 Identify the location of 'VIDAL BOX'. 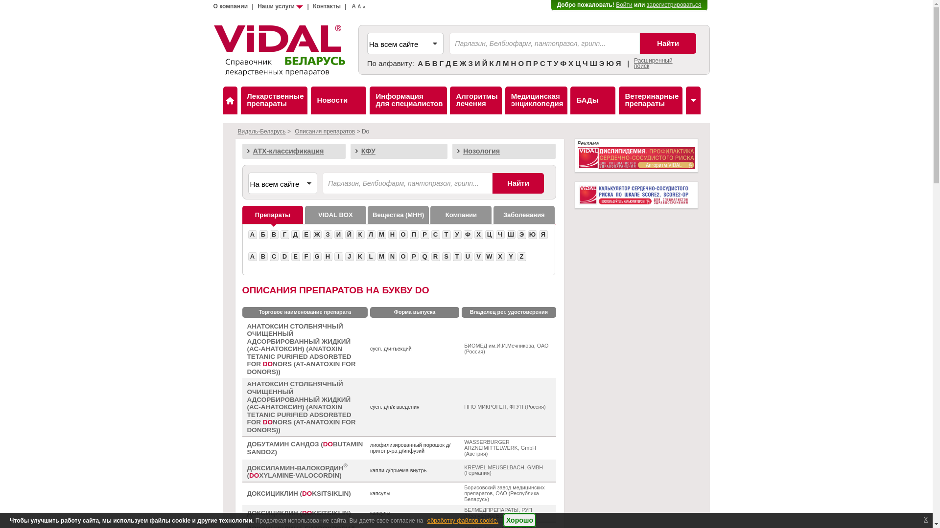
(335, 214).